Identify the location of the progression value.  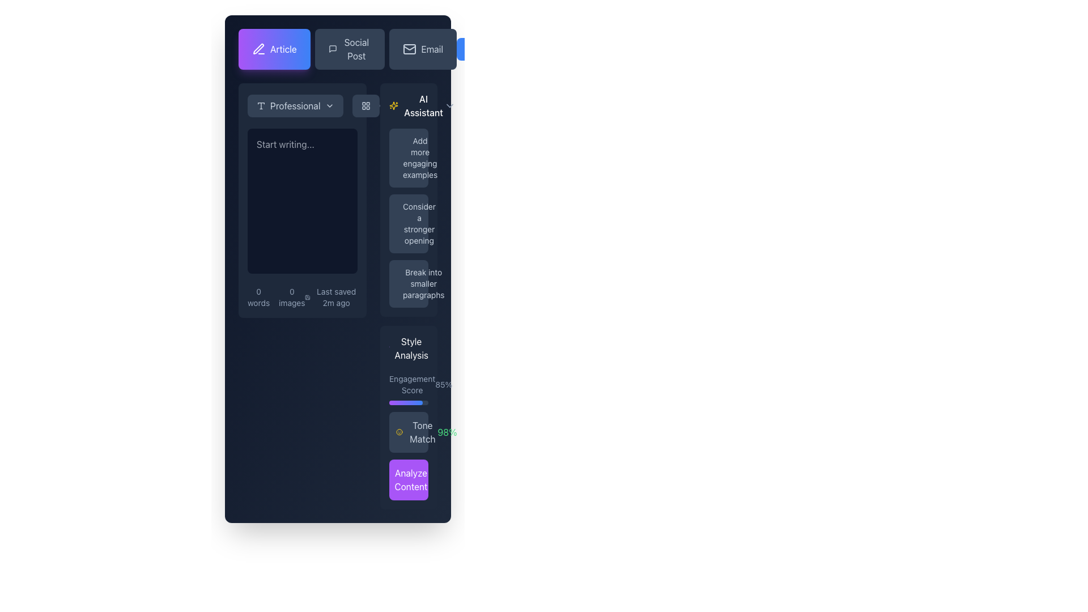
(403, 402).